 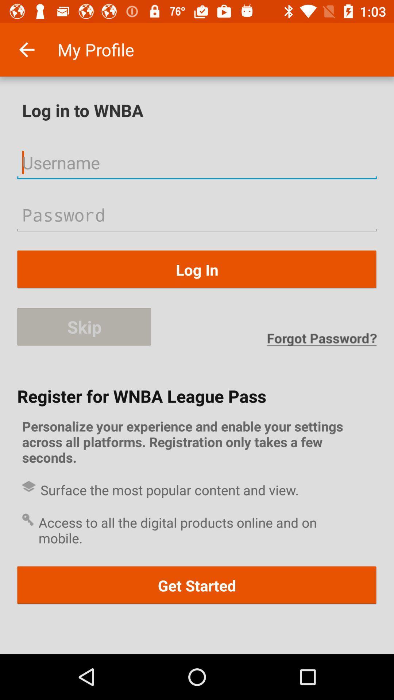 I want to click on username, so click(x=197, y=162).